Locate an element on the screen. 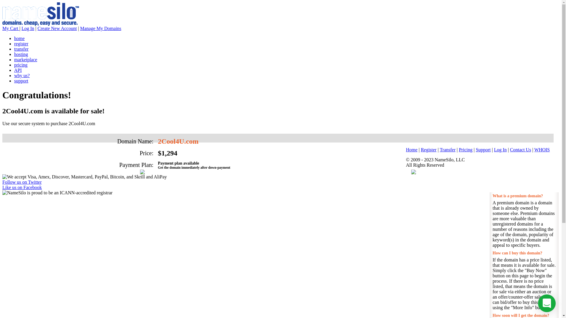  'Contact Us' is located at coordinates (521, 149).